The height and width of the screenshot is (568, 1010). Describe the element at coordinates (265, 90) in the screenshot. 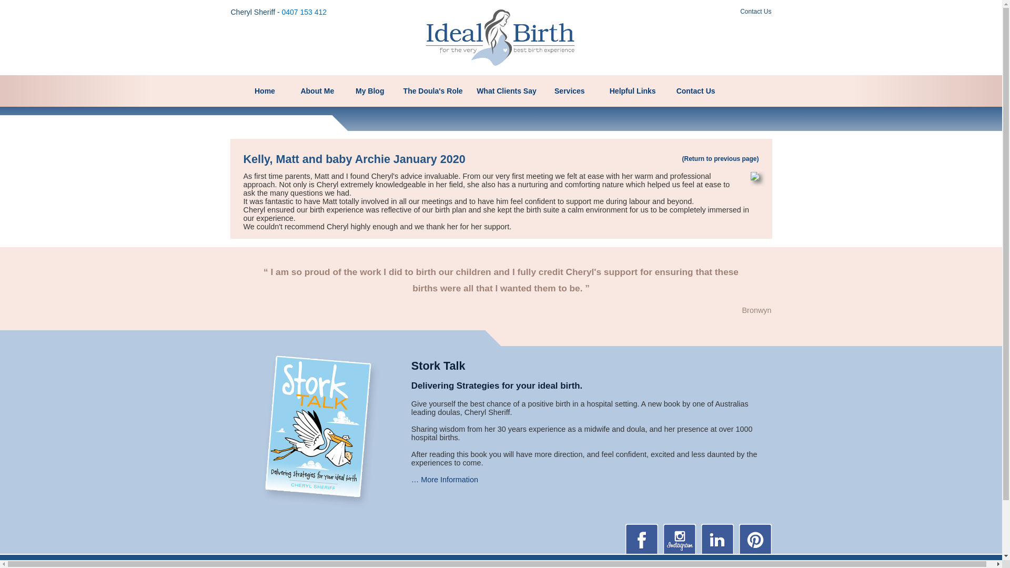

I see `'Home'` at that location.